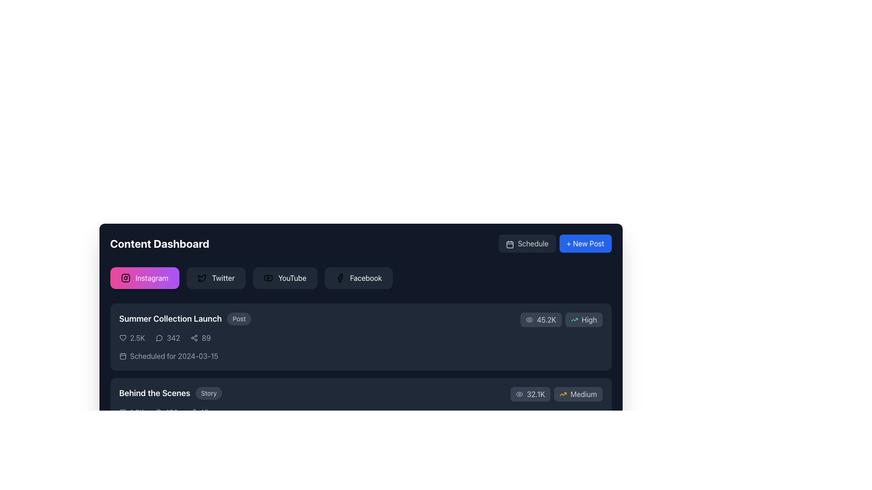 The height and width of the screenshot is (490, 872). What do you see at coordinates (208, 393) in the screenshot?
I see `the label or tag UI element that categorizes an item as 'Story', which is located on the right side of the sibling element that contains the text 'Behind the Scenes'` at bounding box center [208, 393].